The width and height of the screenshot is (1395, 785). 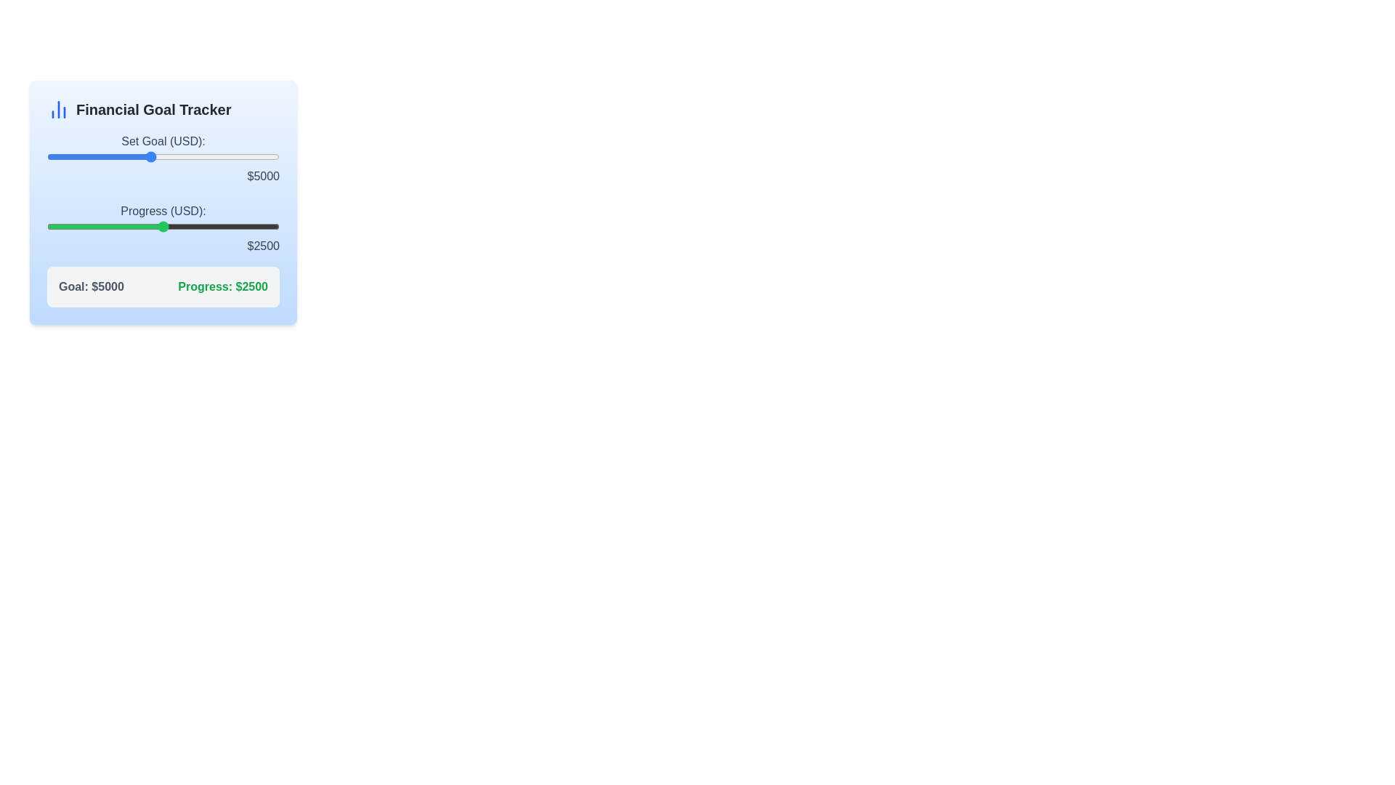 I want to click on the progress slider to 1586 USD, so click(x=121, y=227).